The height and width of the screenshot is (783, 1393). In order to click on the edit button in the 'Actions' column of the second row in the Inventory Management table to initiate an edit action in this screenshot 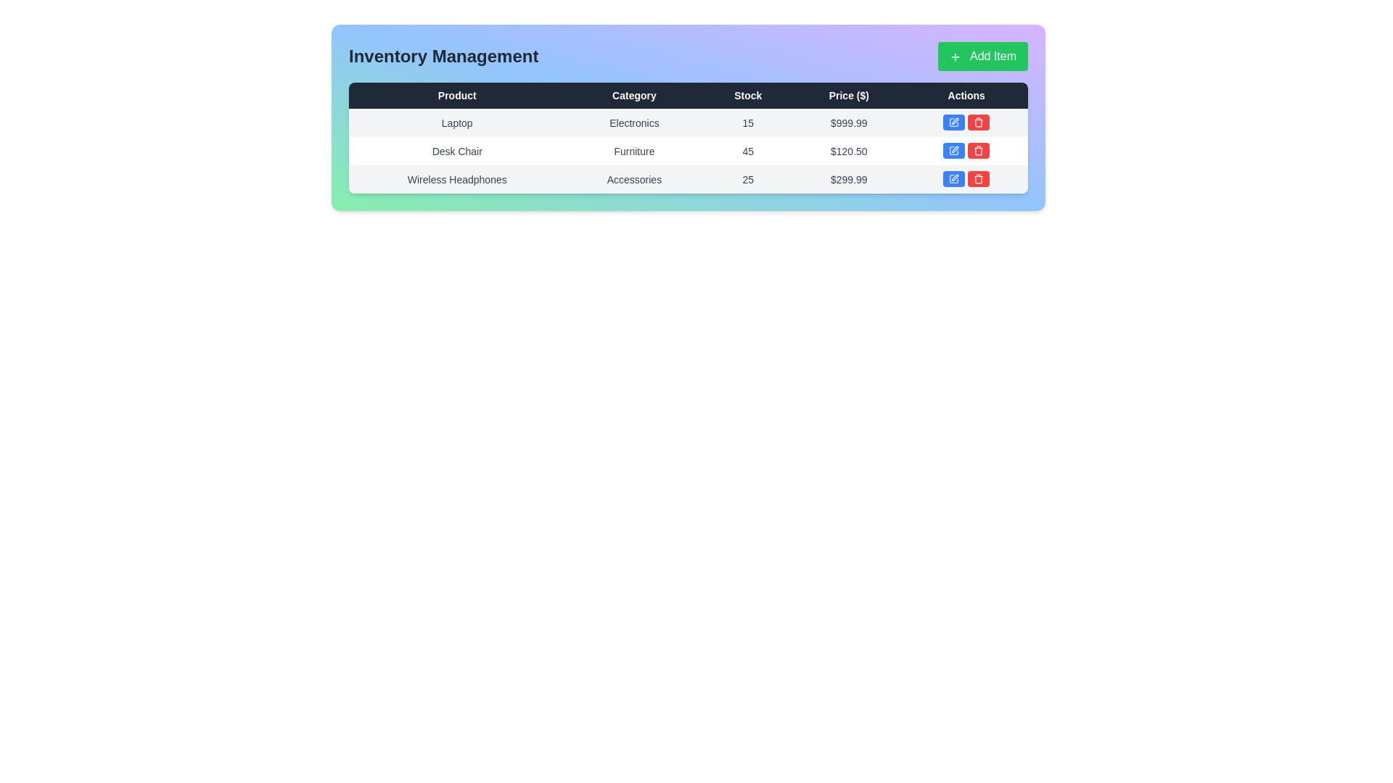, I will do `click(954, 151)`.